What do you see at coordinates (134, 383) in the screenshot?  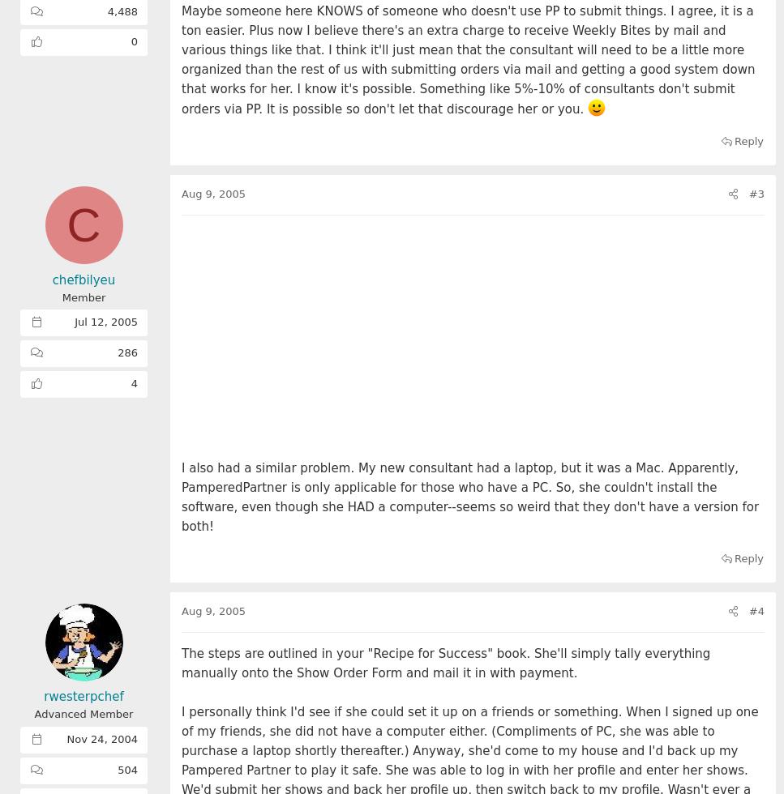 I see `'4'` at bounding box center [134, 383].